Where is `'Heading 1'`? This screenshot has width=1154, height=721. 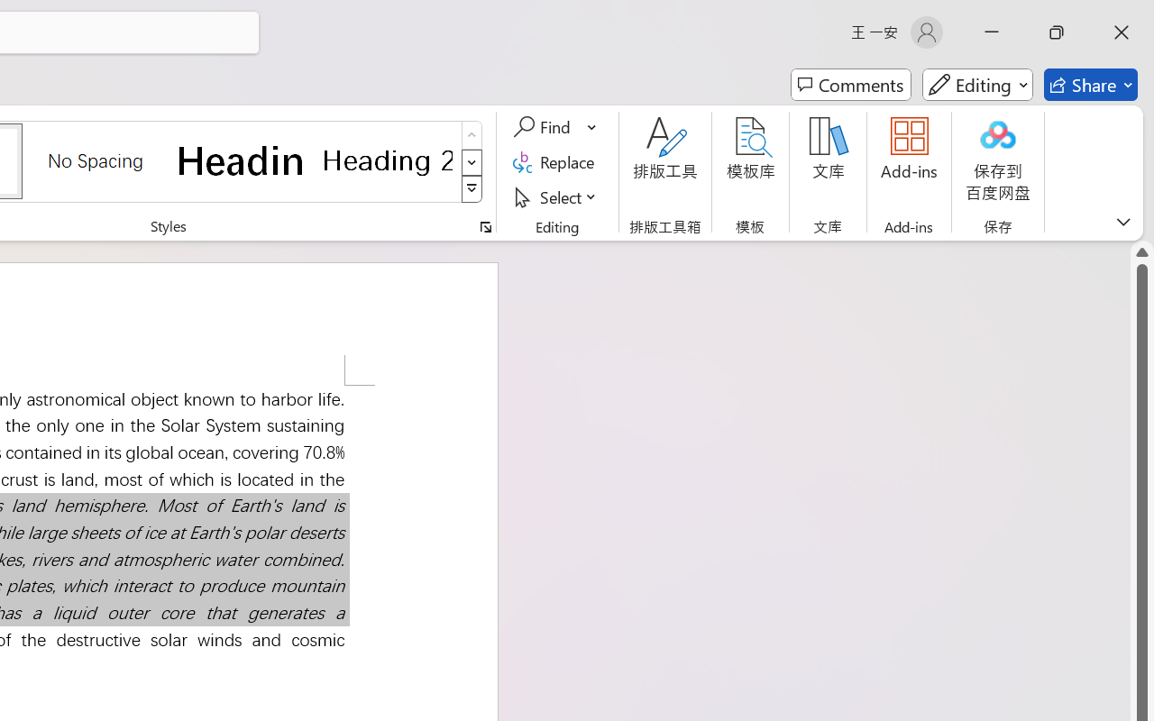
'Heading 1' is located at coordinates (241, 160).